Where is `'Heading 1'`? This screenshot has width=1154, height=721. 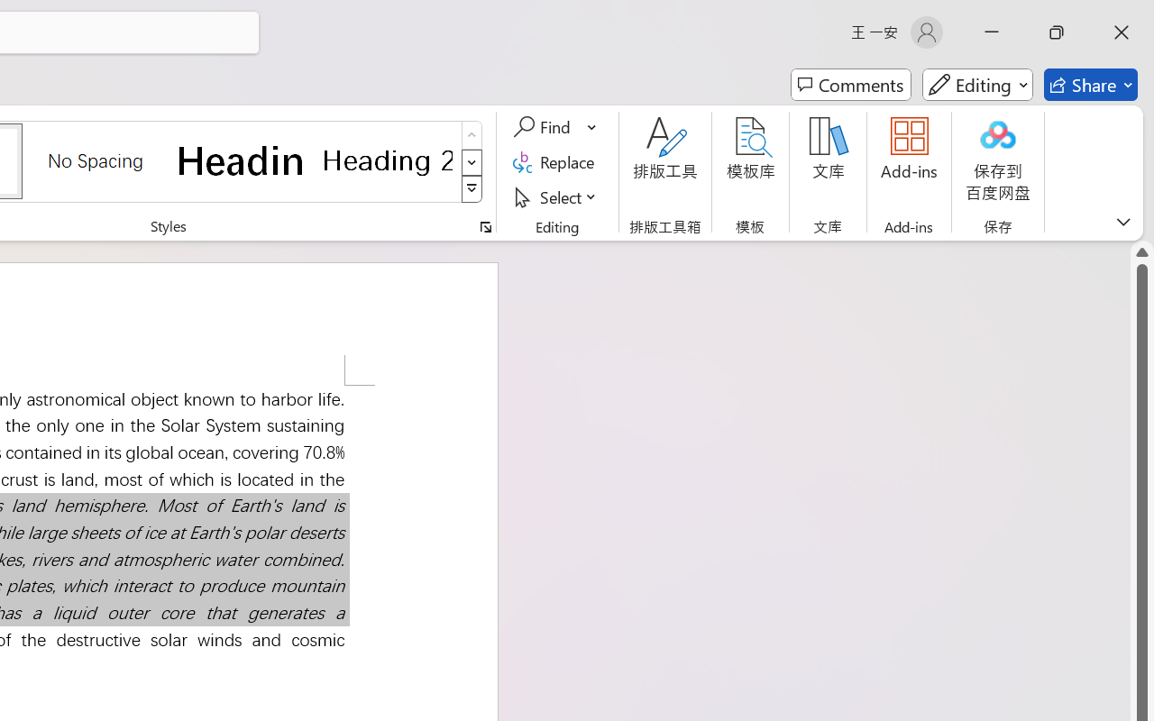
'Heading 1' is located at coordinates (241, 160).